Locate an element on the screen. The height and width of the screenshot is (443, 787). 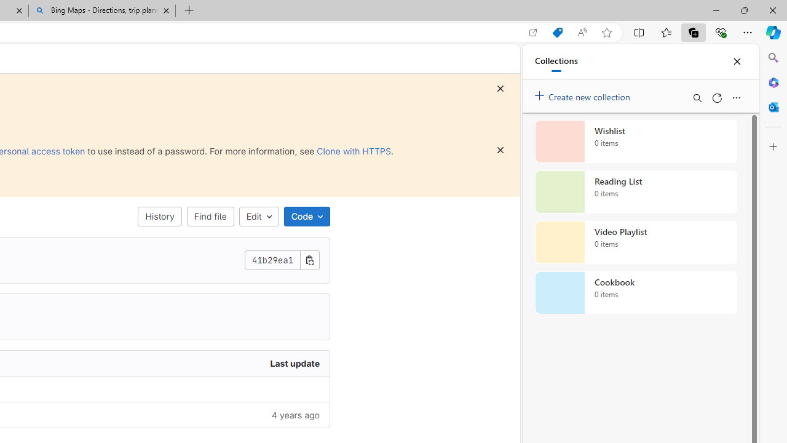
'Class: s16 gl-icon gl-button-icon ' is located at coordinates (500, 150).